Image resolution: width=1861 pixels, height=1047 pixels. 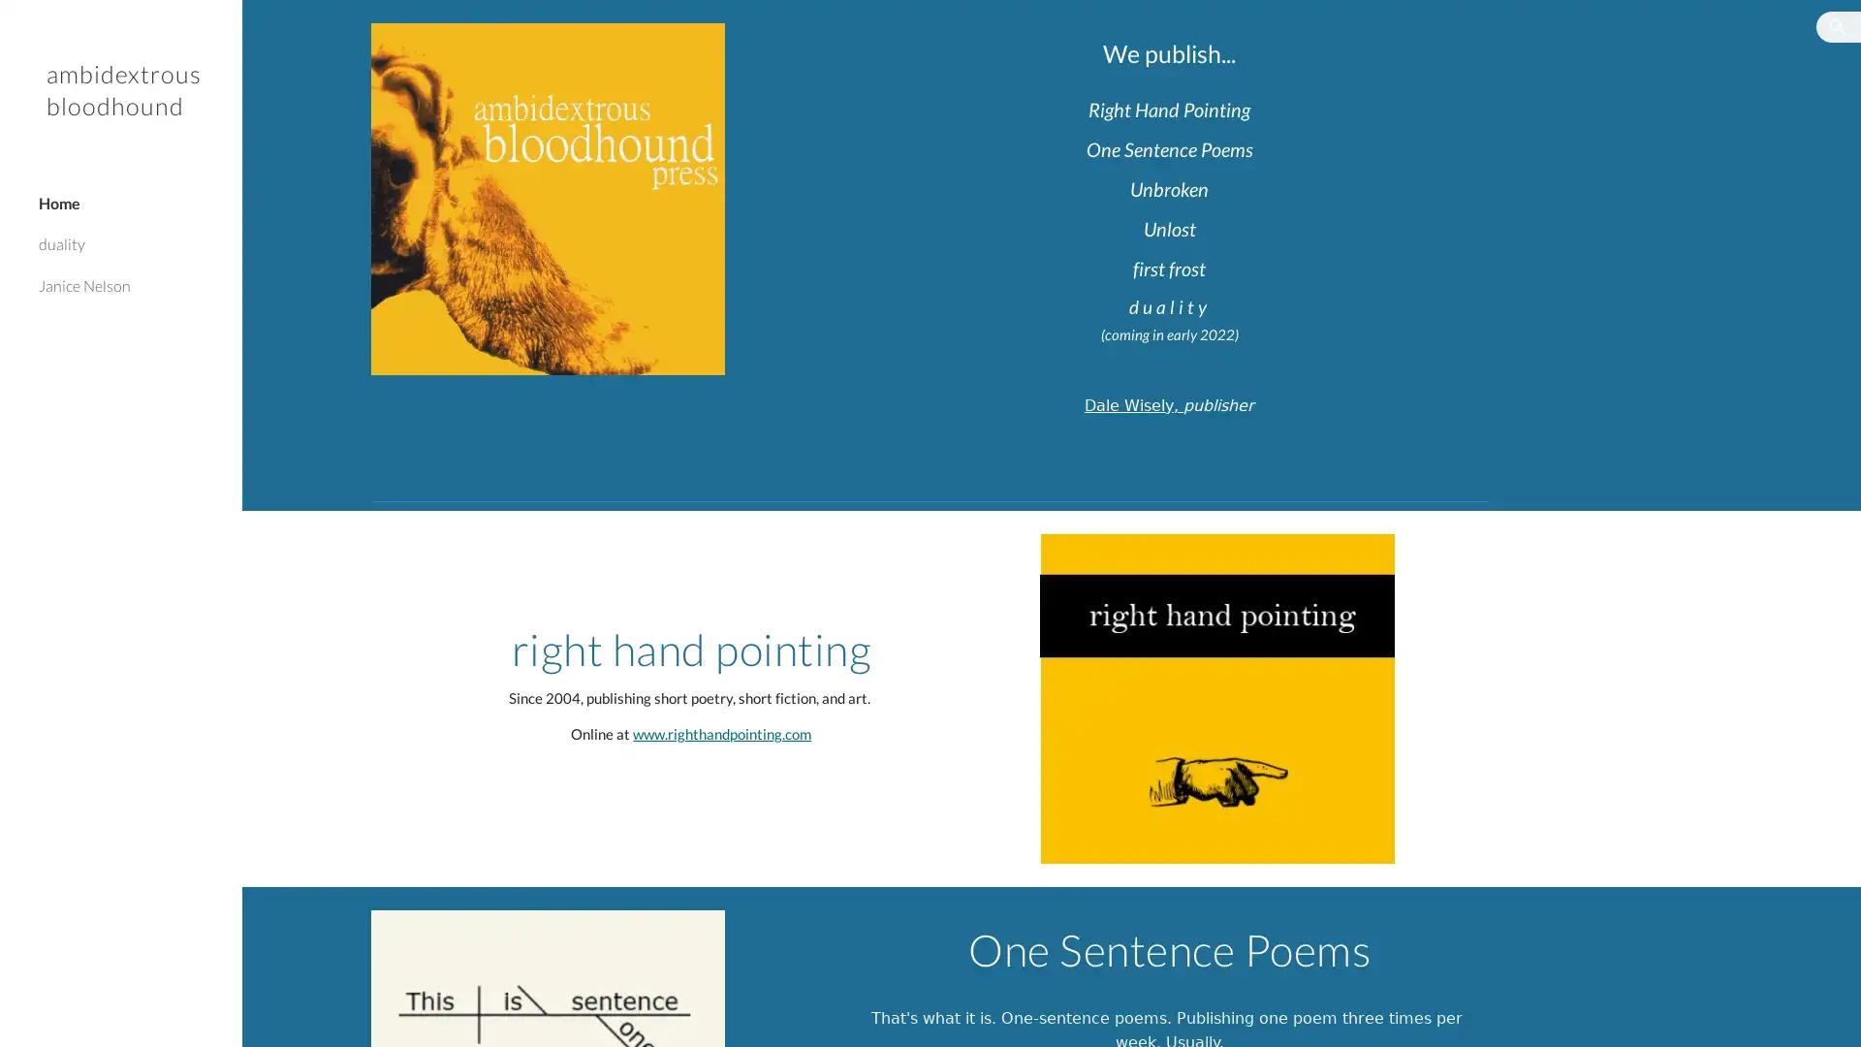 What do you see at coordinates (276, 1012) in the screenshot?
I see `Site actions` at bounding box center [276, 1012].